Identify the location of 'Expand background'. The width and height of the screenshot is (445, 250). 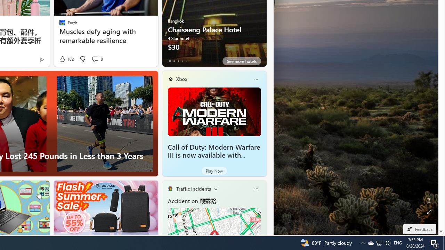
(428, 211).